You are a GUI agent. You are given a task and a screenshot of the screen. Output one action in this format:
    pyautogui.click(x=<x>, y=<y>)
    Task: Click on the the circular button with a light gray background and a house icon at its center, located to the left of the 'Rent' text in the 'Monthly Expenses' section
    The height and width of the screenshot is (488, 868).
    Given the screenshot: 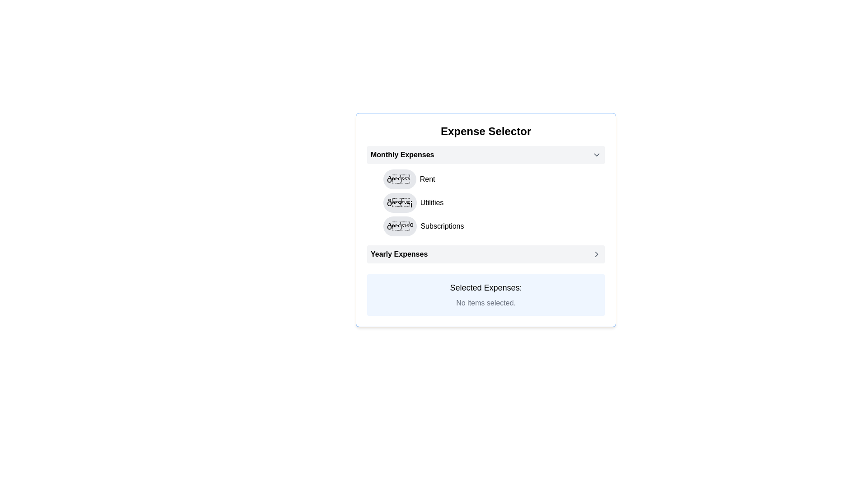 What is the action you would take?
    pyautogui.click(x=399, y=179)
    